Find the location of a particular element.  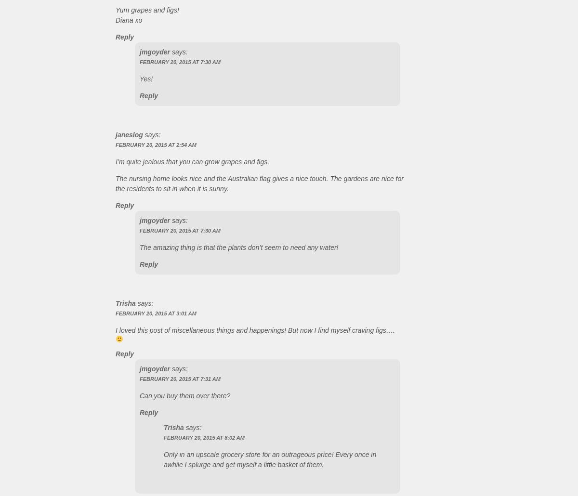

'February 20, 2015 at 3:01 AM' is located at coordinates (156, 313).